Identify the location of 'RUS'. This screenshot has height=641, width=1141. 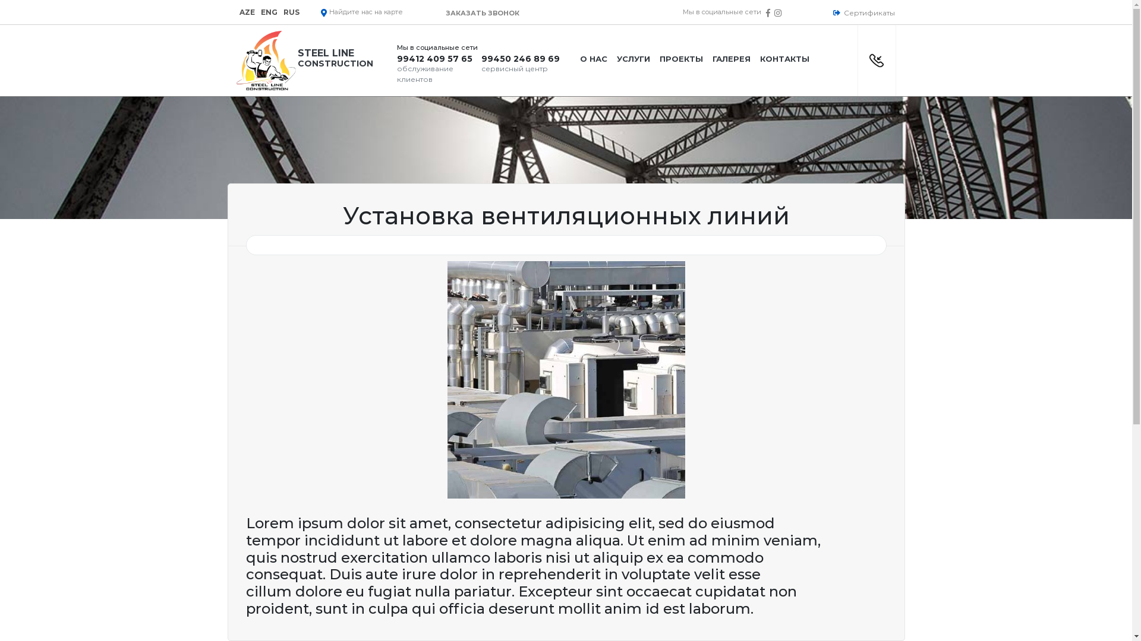
(291, 12).